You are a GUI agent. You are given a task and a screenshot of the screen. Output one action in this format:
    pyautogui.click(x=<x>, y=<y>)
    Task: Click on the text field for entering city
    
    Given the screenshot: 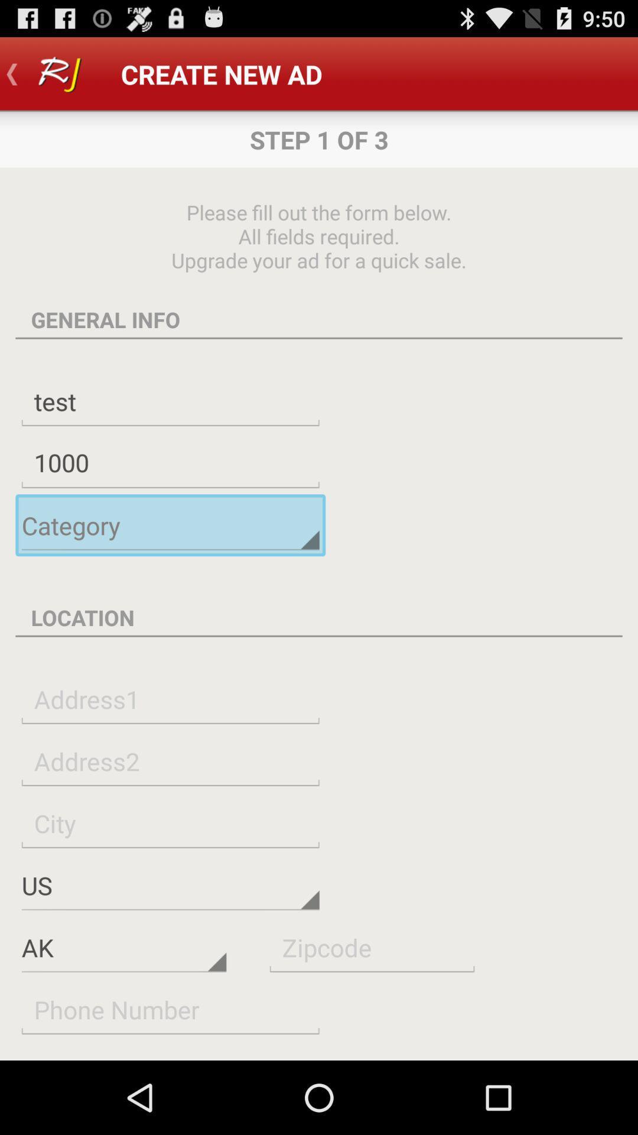 What is the action you would take?
    pyautogui.click(x=170, y=822)
    